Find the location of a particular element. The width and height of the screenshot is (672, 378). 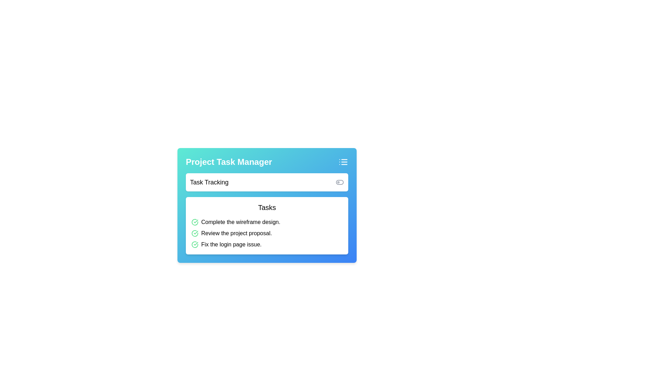

the 'Tasks' list element which contains items prefixed by green circular checkmark icons in the 'Project Task Manager' component is located at coordinates (267, 213).